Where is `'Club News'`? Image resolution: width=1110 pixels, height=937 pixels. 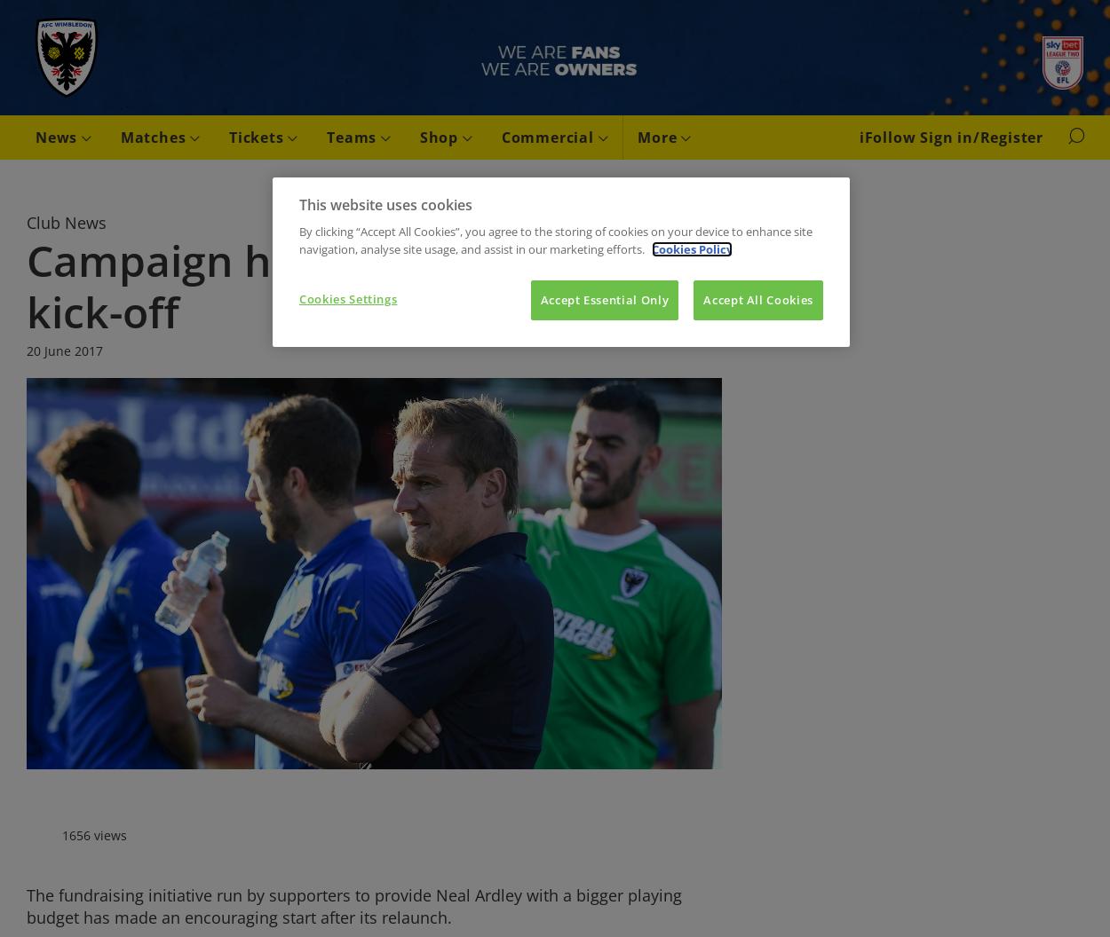 'Club News' is located at coordinates (27, 222).